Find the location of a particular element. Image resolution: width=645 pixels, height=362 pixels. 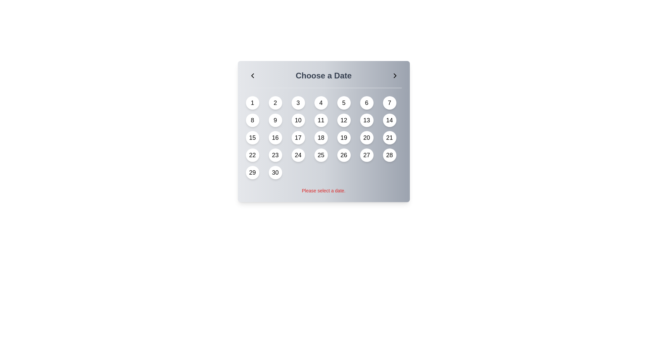

the icon button located at the top-left of the date selection panel, adjacent to 'Choose a Date' is located at coordinates (252, 75).